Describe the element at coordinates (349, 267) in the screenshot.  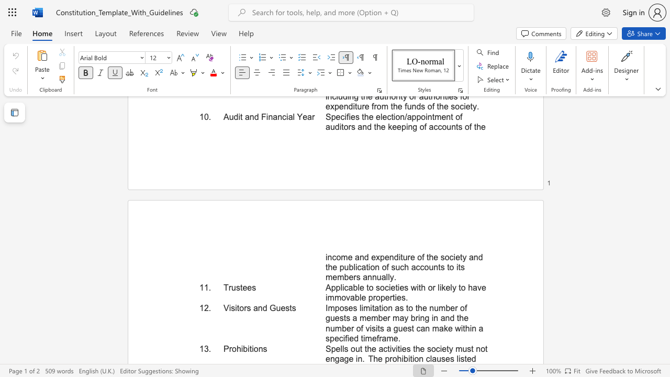
I see `the subset text "blication of such accoun" within the text "income and expenditure of the society and the publication of such accounts to its members annually."` at that location.